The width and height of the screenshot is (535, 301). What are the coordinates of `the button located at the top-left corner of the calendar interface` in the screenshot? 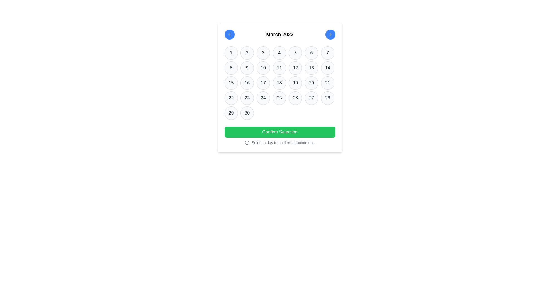 It's located at (229, 34).